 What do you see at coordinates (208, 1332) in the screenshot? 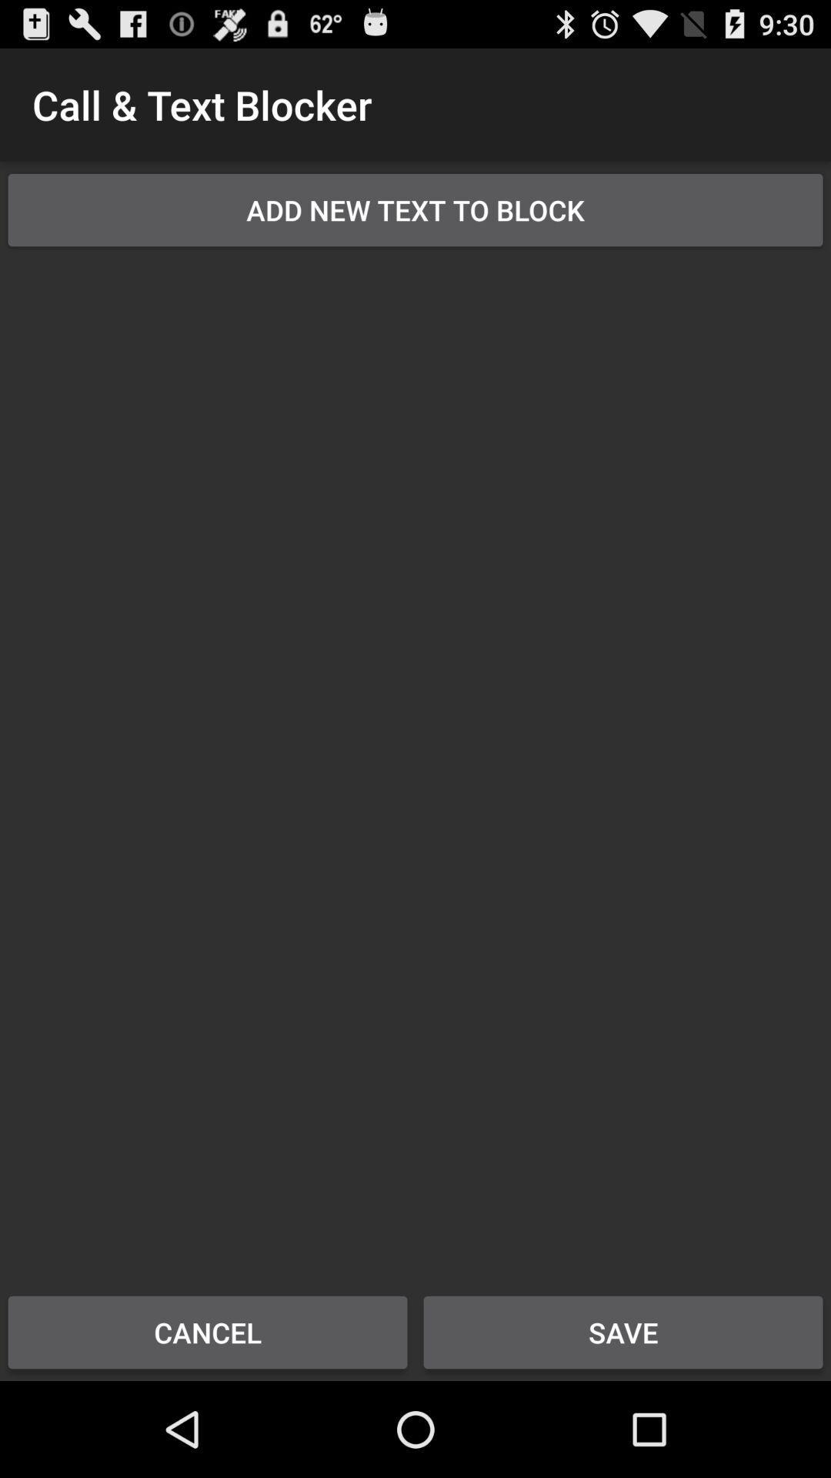
I see `the item next to the save` at bounding box center [208, 1332].